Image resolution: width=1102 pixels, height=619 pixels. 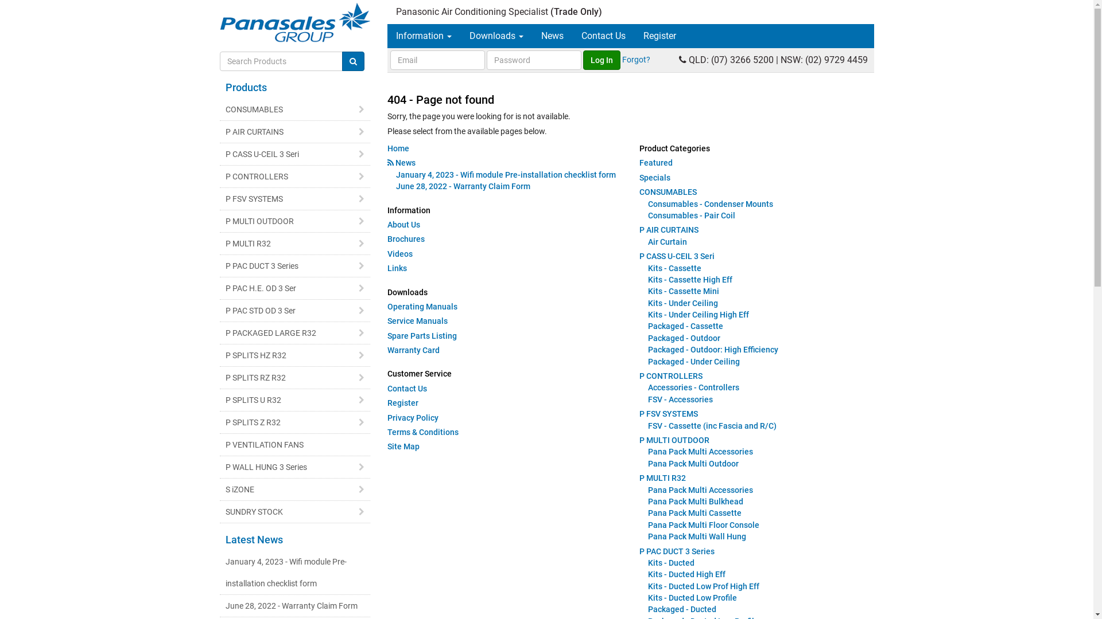 I want to click on 'Register', so click(x=402, y=402).